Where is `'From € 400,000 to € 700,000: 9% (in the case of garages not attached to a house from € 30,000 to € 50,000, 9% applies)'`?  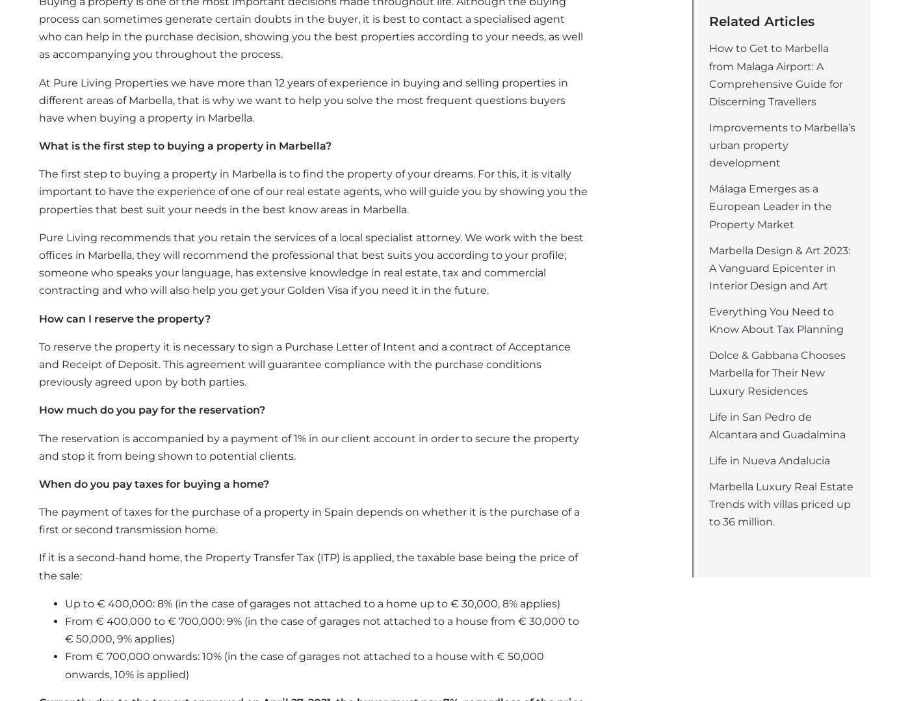 'From € 400,000 to € 700,000: 9% (in the case of garages not attached to a house from € 30,000 to € 50,000, 9% applies)' is located at coordinates (322, 630).